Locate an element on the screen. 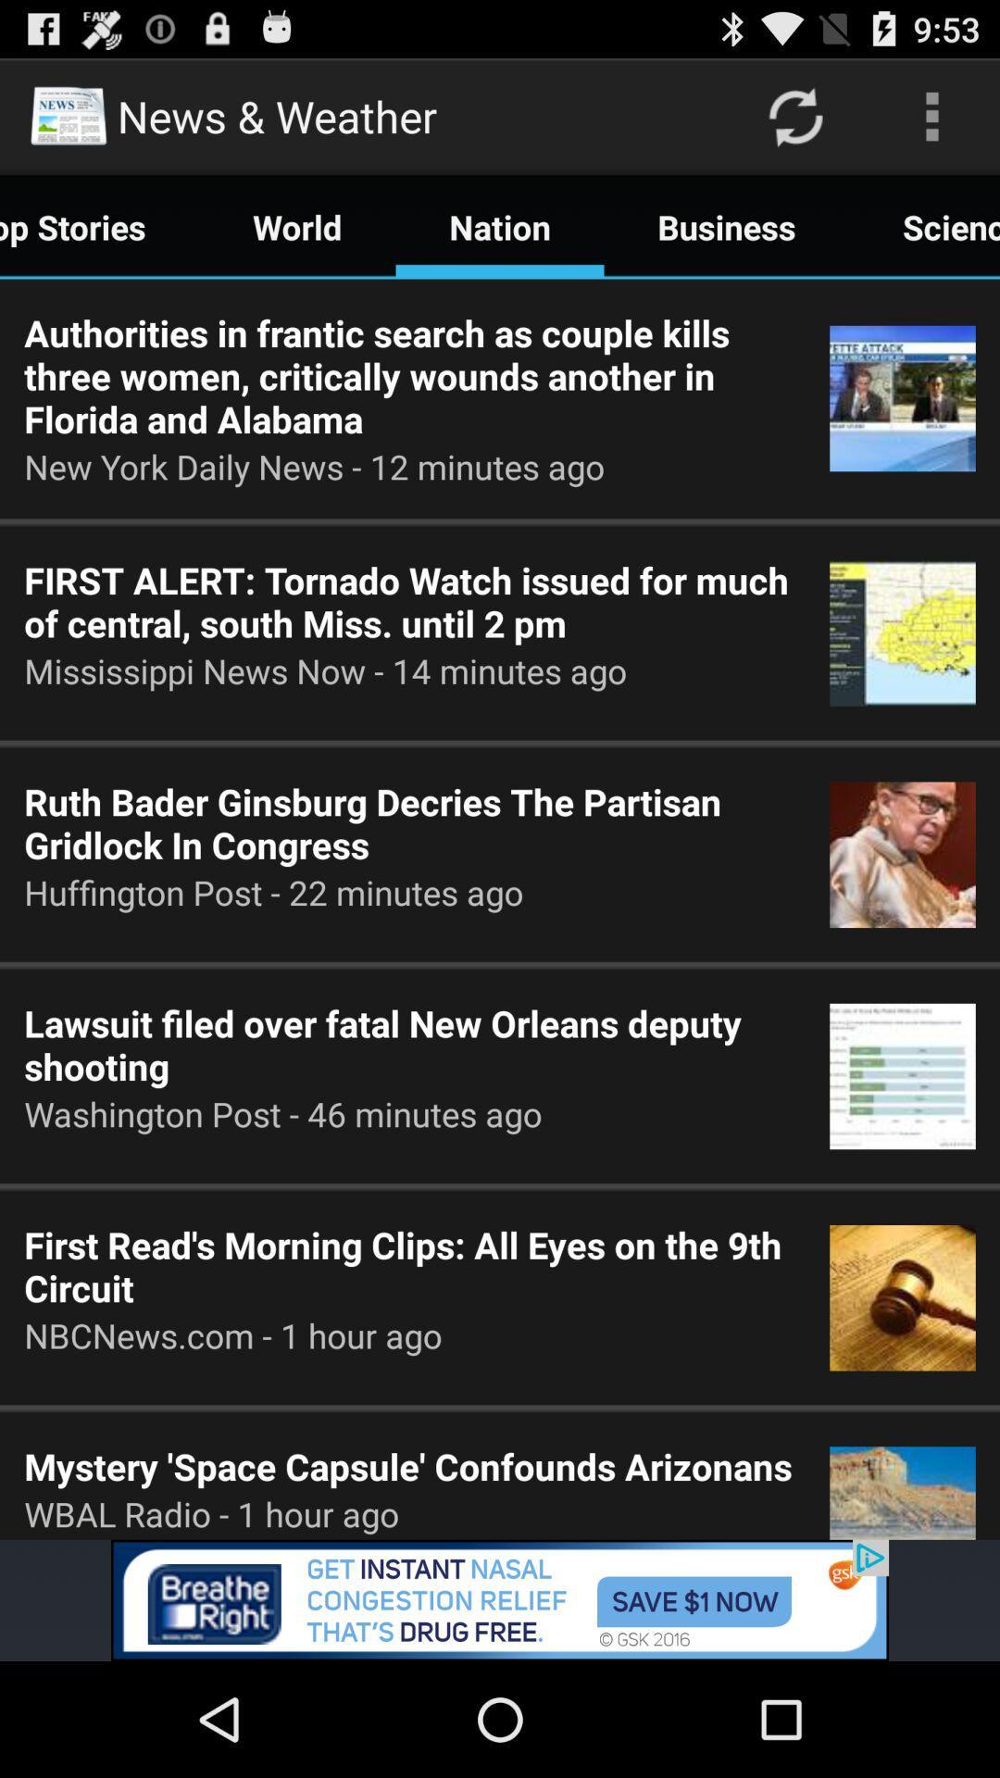 The width and height of the screenshot is (1000, 1778). the 2nd picture from the top is located at coordinates (902, 633).